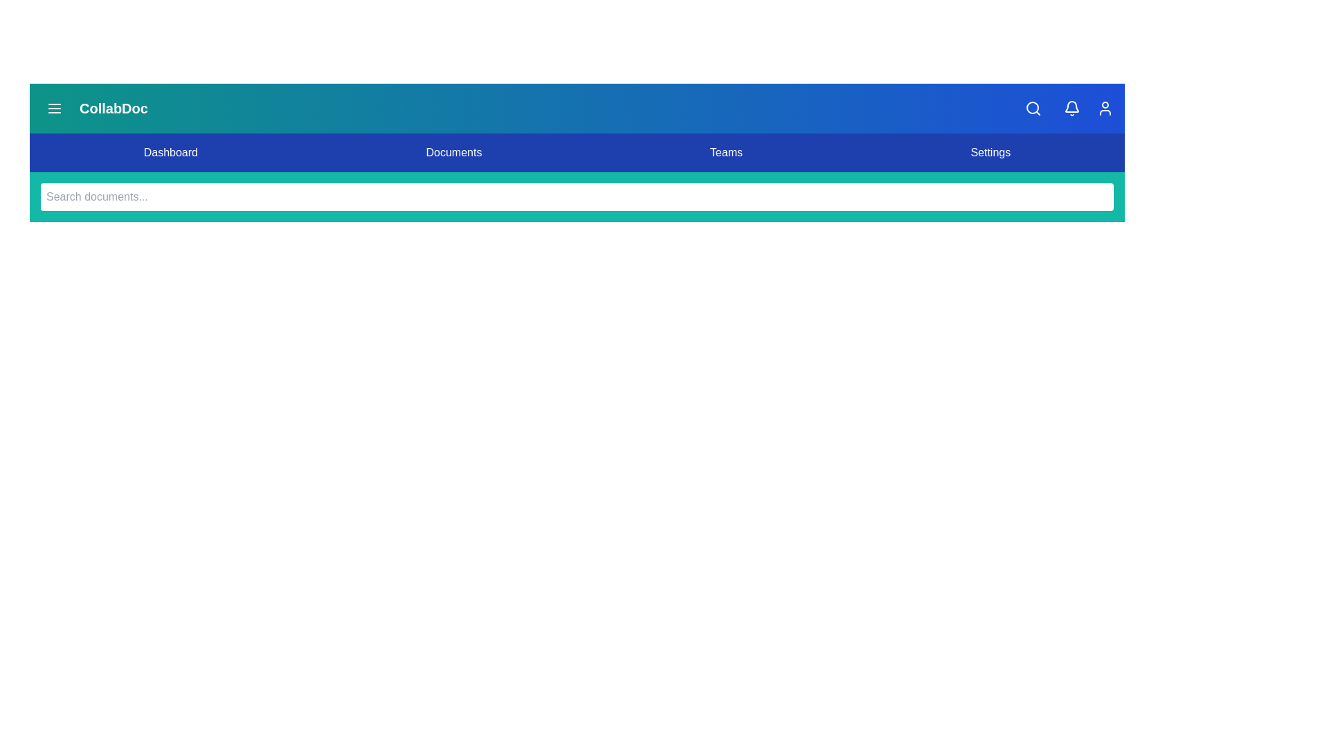 This screenshot has width=1329, height=747. Describe the element at coordinates (1105, 108) in the screenshot. I see `the user_profile_button to view its hover effect` at that location.